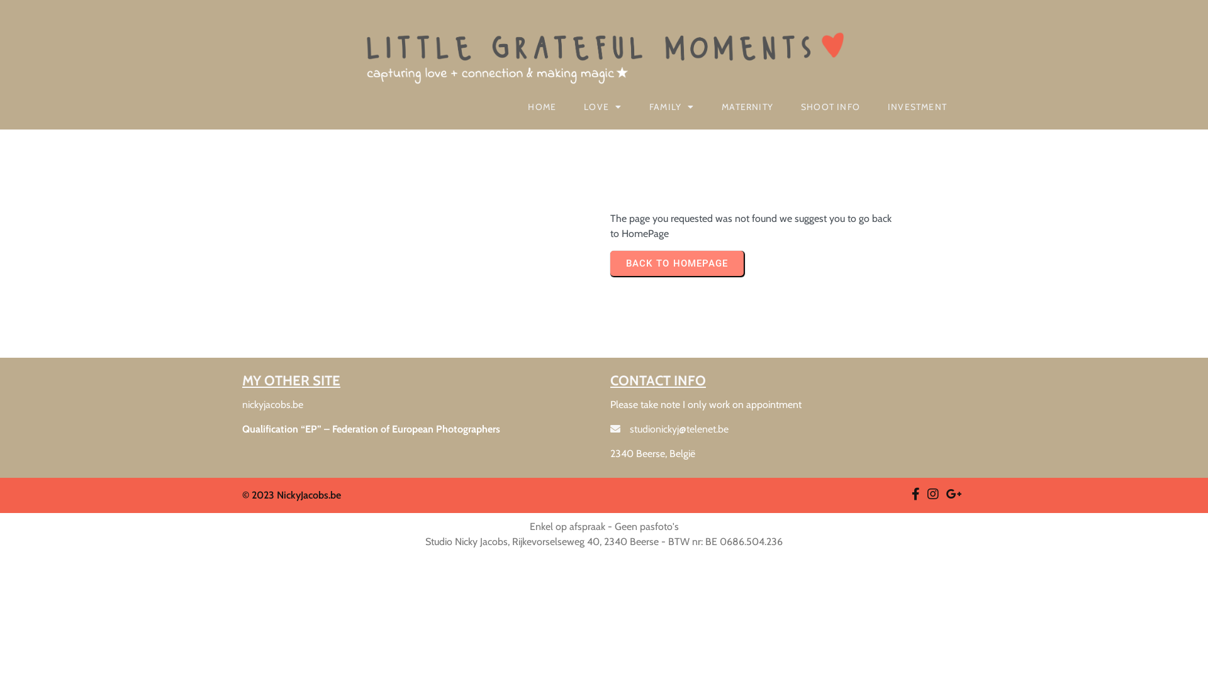 The height and width of the screenshot is (679, 1208). Describe the element at coordinates (917, 106) in the screenshot. I see `'INVESTMENT'` at that location.